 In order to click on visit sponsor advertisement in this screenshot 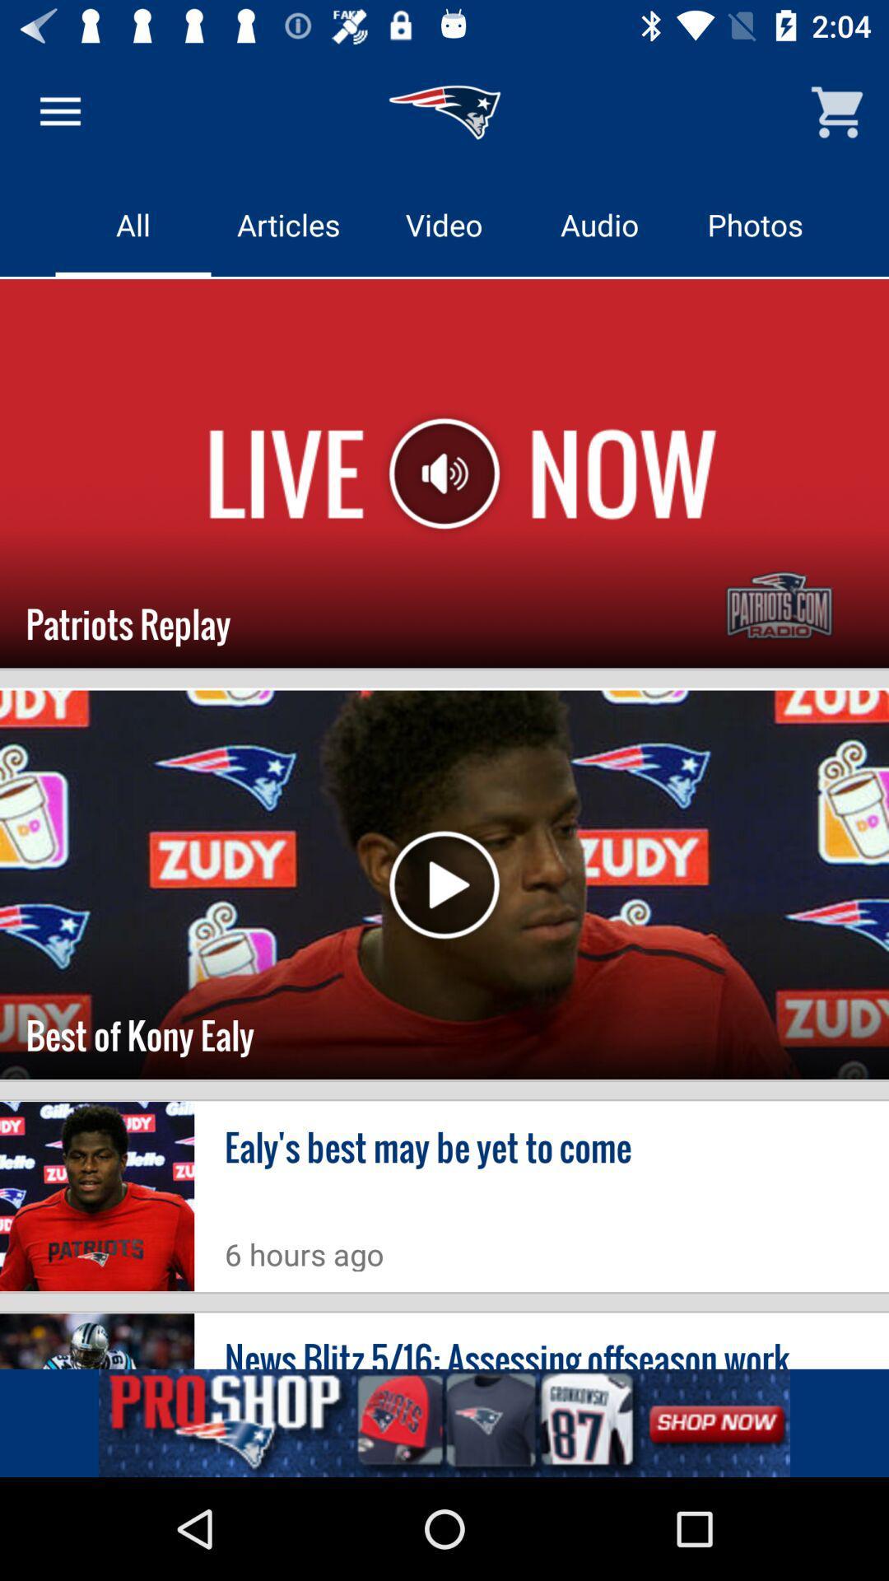, I will do `click(444, 1422)`.